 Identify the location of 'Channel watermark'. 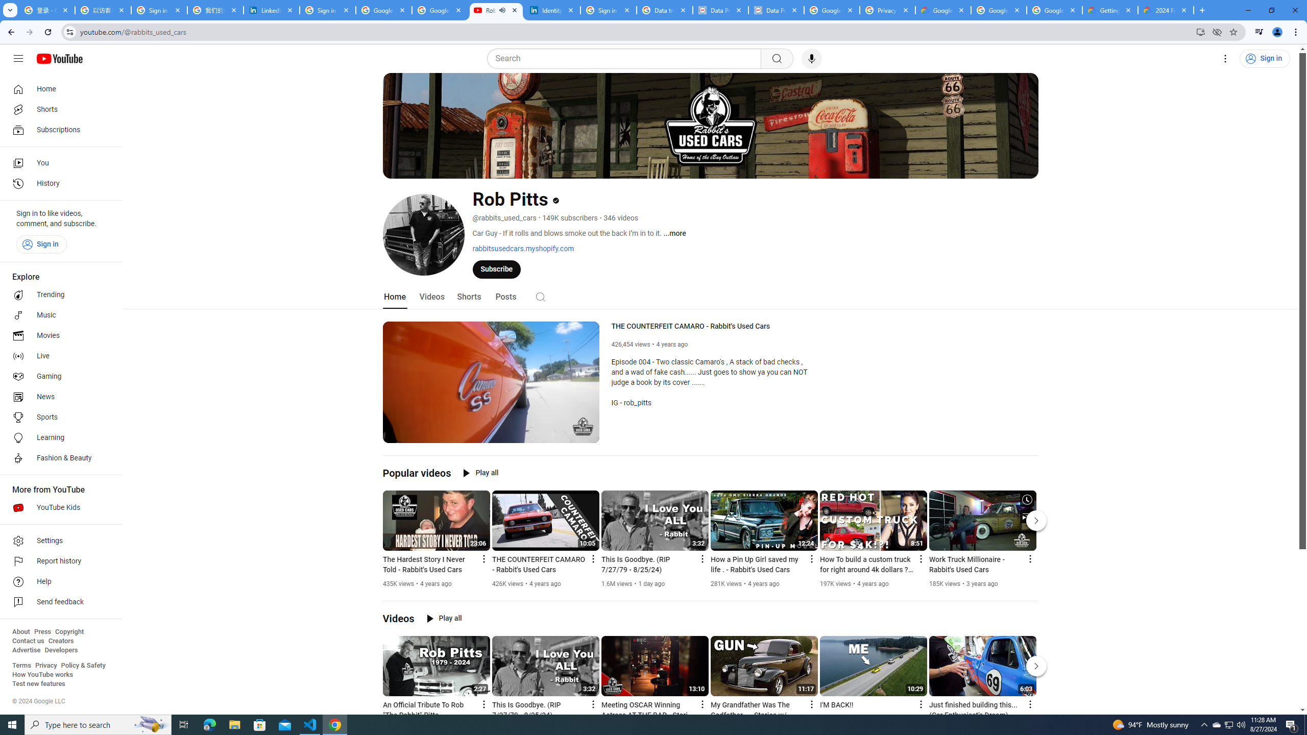
(583, 426).